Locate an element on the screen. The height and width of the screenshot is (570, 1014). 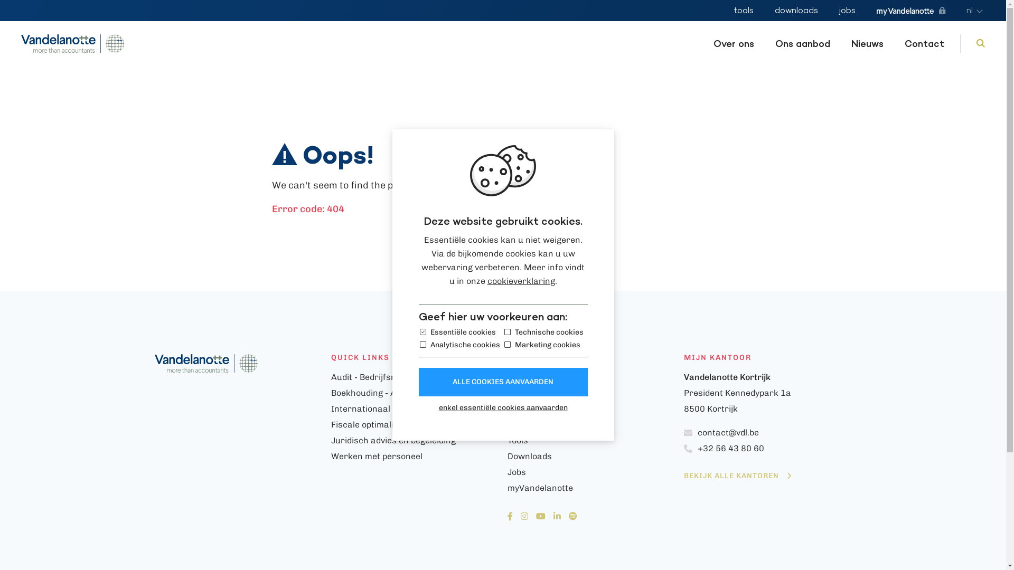
'Tools' is located at coordinates (507, 440).